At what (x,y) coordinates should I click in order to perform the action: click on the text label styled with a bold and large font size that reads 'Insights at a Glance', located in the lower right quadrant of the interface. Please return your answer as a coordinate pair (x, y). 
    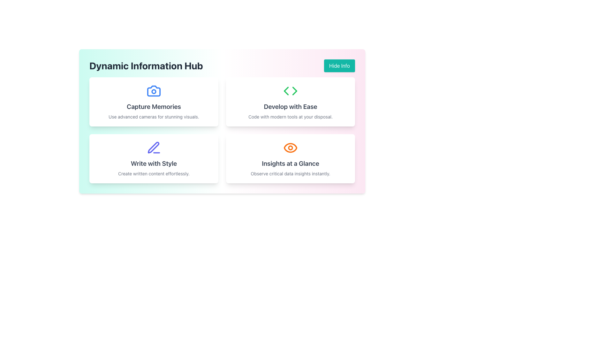
    Looking at the image, I should click on (290, 163).